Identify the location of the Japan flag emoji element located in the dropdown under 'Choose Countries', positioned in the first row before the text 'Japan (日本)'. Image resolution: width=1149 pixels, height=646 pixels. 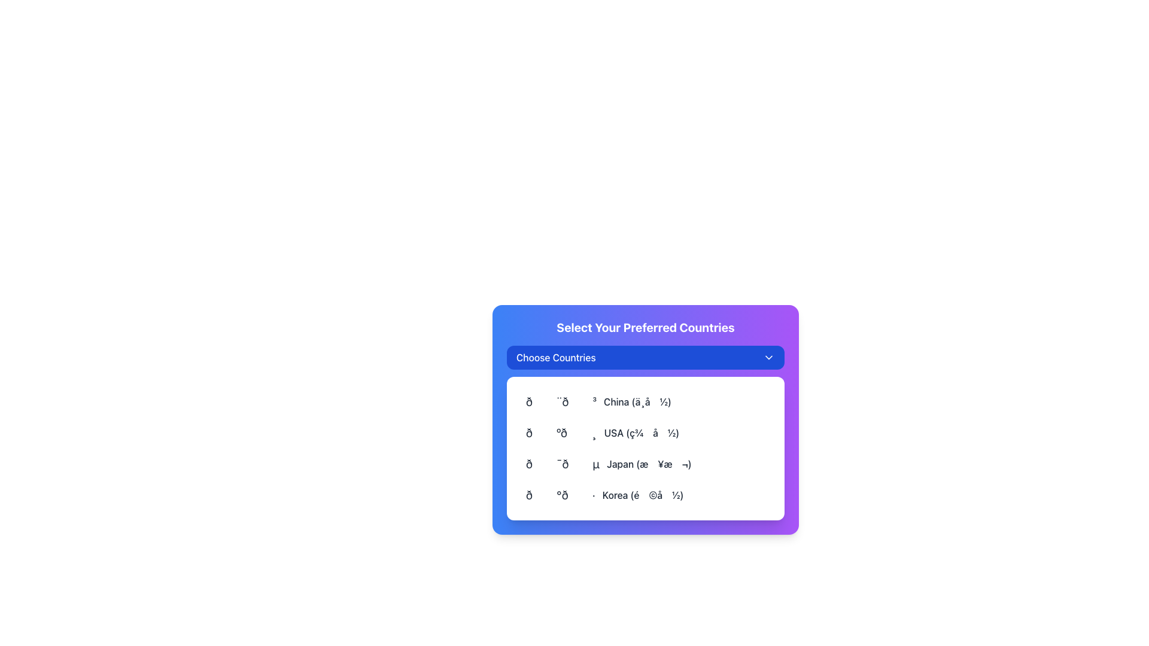
(562, 463).